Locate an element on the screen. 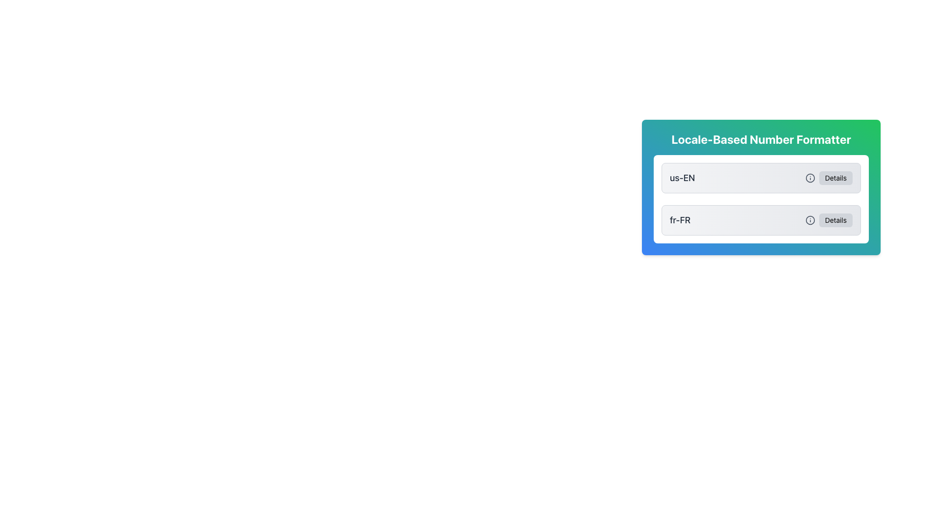 The width and height of the screenshot is (943, 530). the circular graphic element within the 'Details' button related to the 'fr-FR' locale in the 'Locale-Based Number Formatter' region is located at coordinates (810, 219).